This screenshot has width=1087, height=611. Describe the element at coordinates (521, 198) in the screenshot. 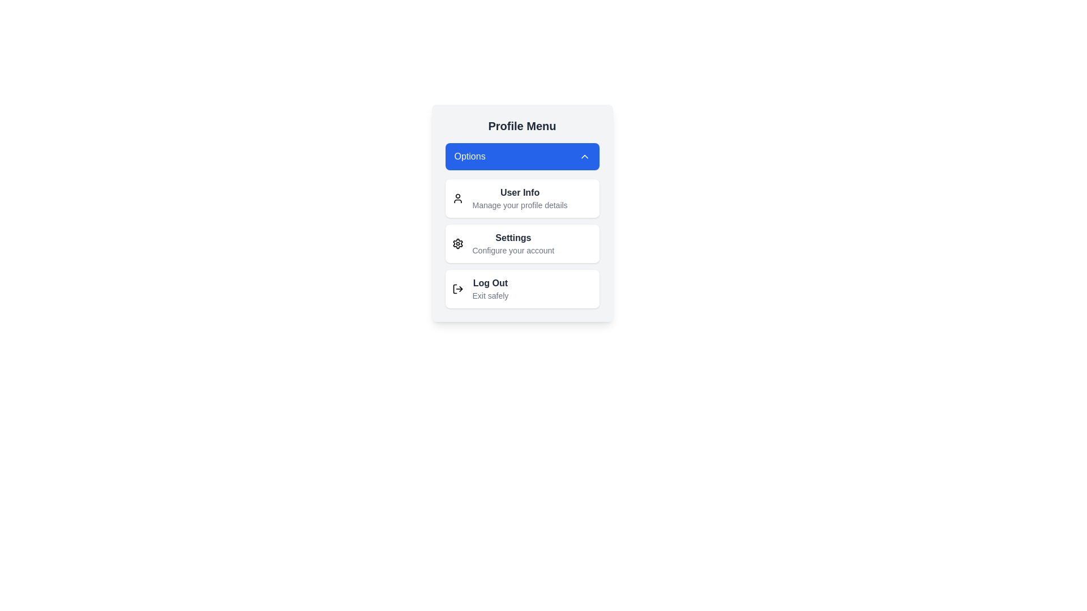

I see `the menu option User Info from the list` at that location.